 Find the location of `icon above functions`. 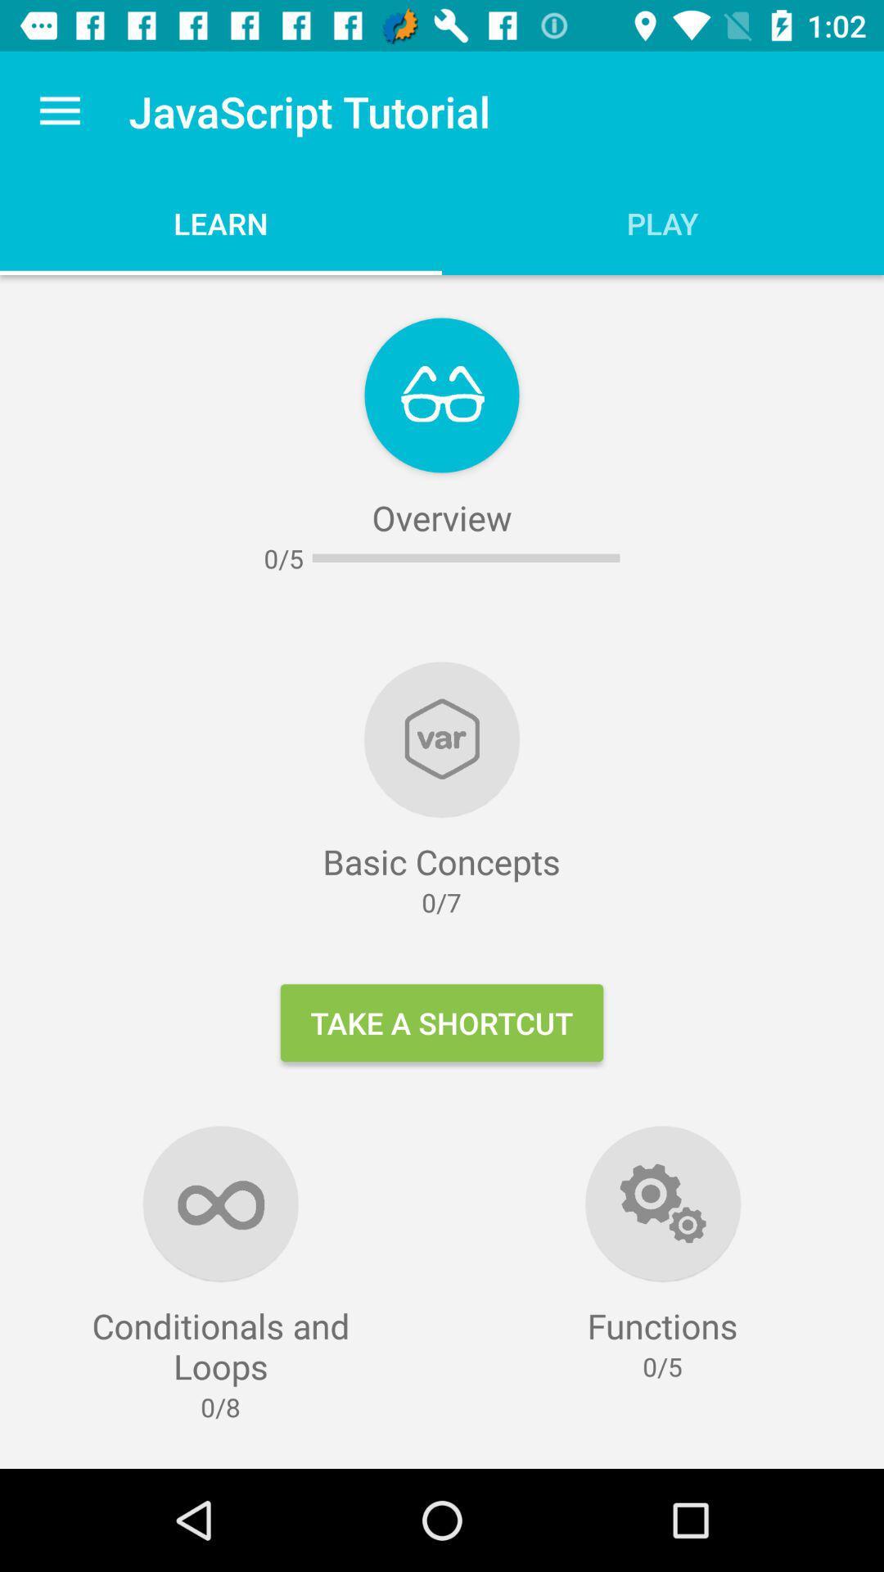

icon above functions is located at coordinates (663, 1203).